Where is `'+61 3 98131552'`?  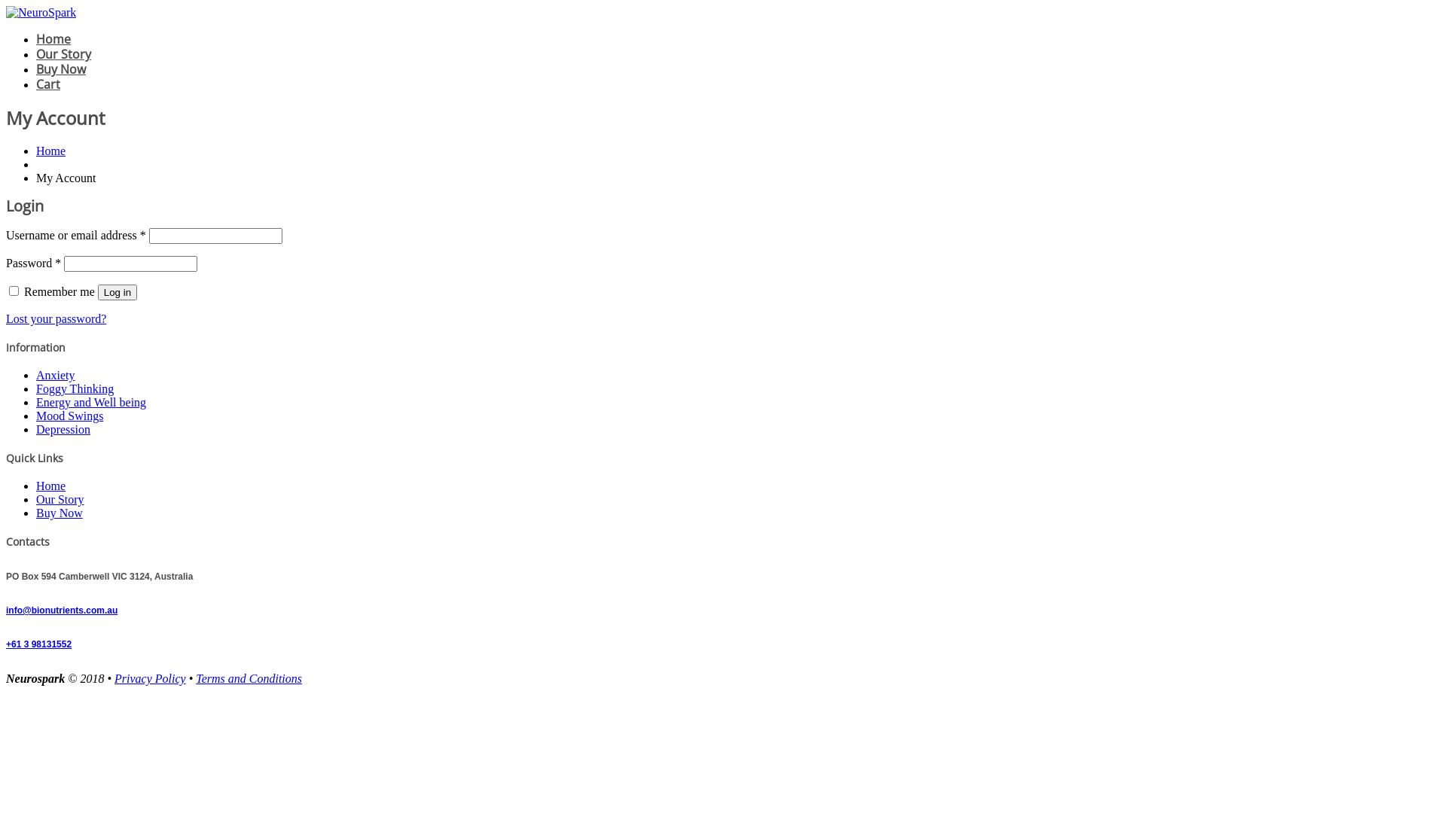
'+61 3 98131552' is located at coordinates (38, 644).